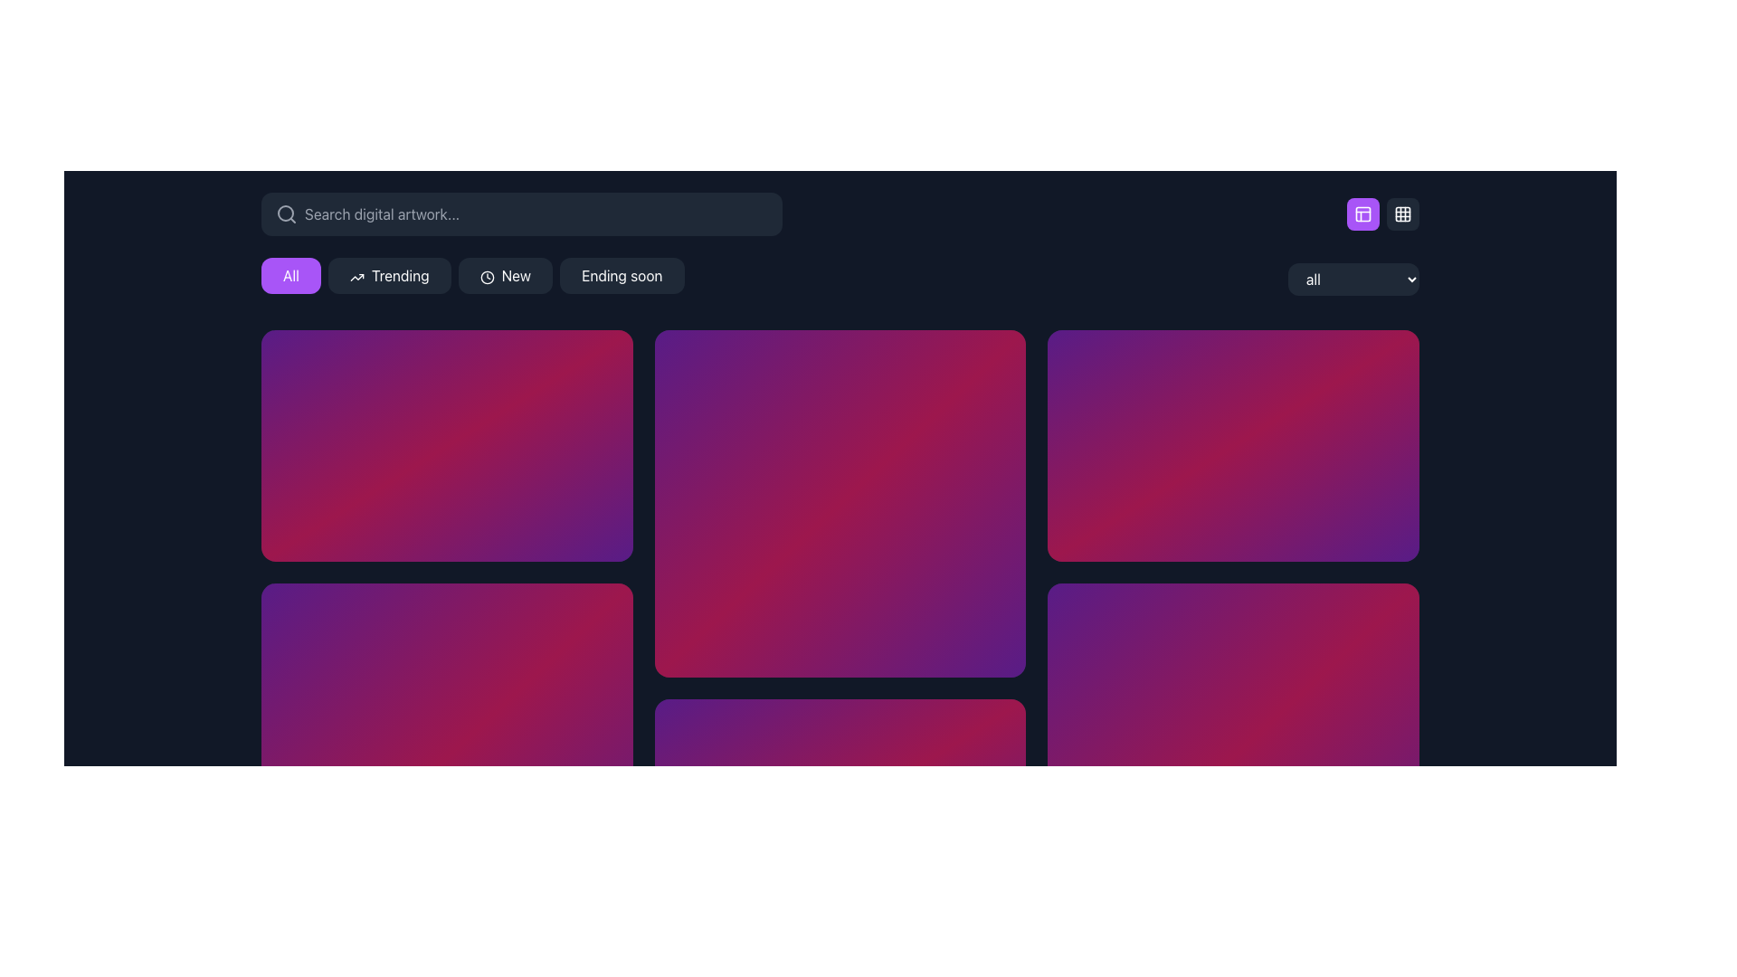 The width and height of the screenshot is (1737, 977). What do you see at coordinates (994, 360) in the screenshot?
I see `the circular zoom-in button with a dark background located in the top-right corner of the interface to observe its styling changes` at bounding box center [994, 360].